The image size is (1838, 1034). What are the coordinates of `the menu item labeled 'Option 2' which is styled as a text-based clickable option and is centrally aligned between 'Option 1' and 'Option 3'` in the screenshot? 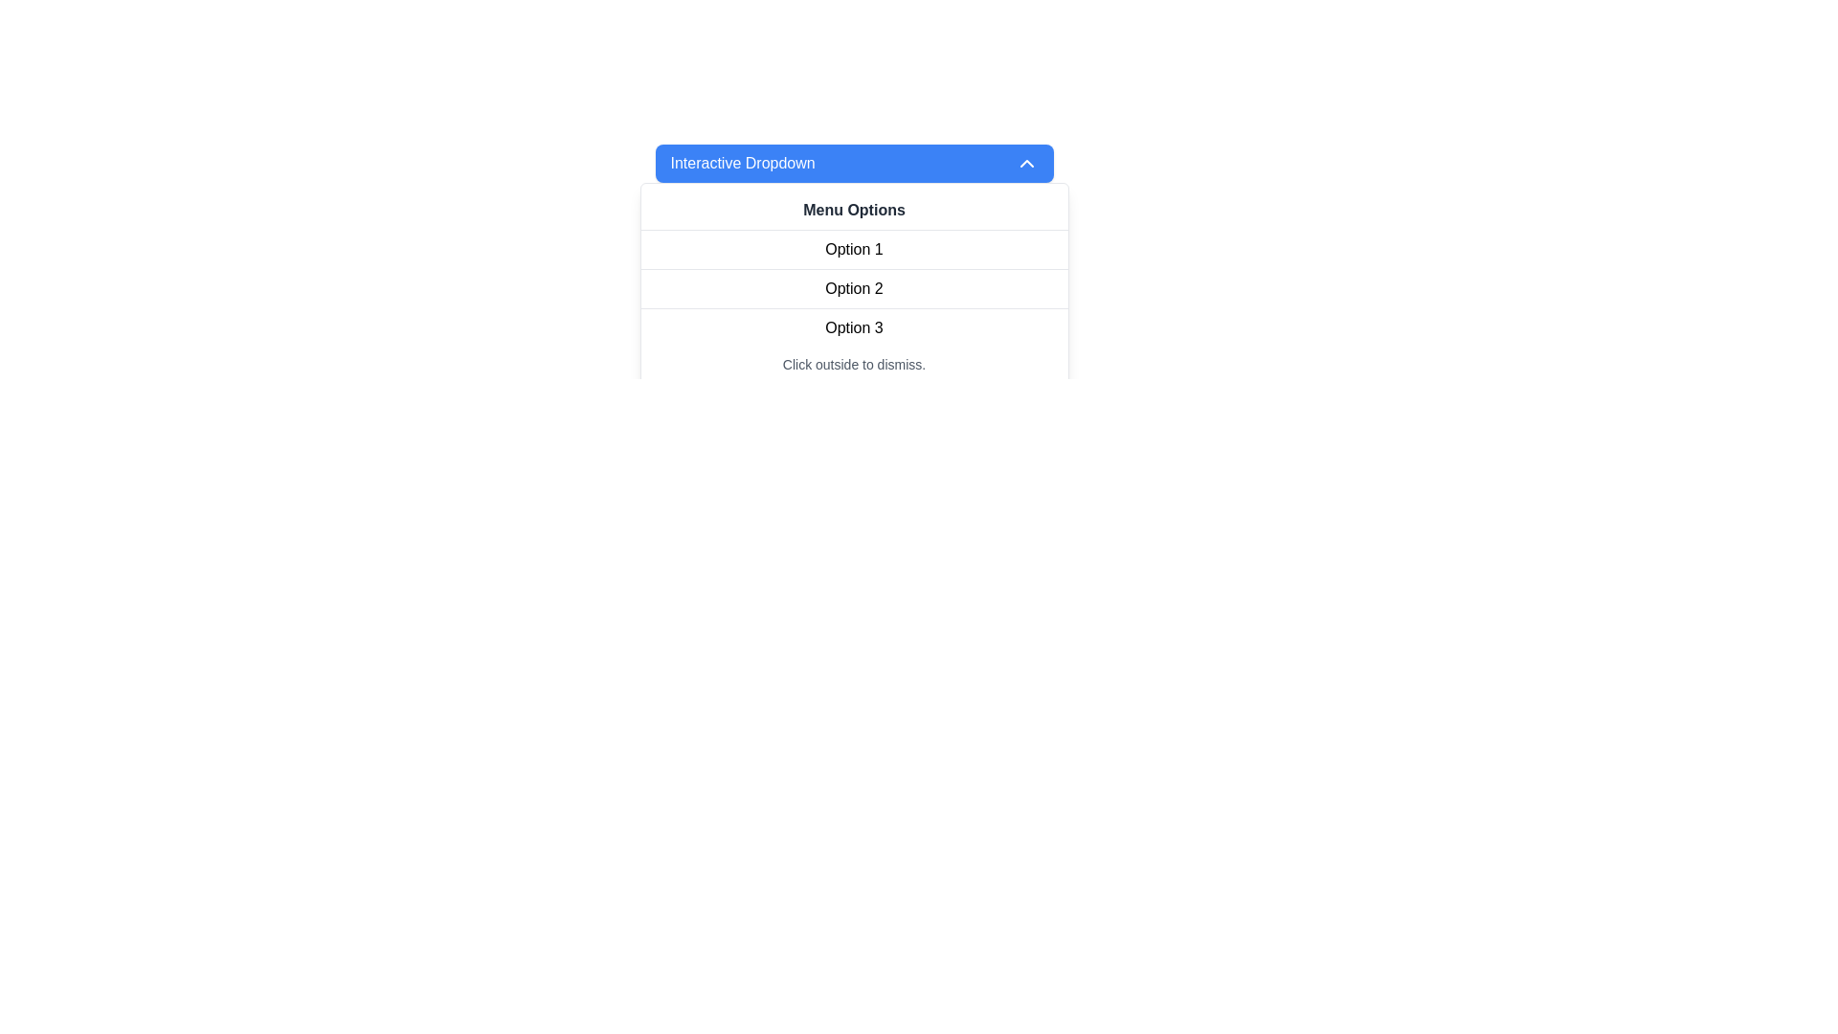 It's located at (853, 288).